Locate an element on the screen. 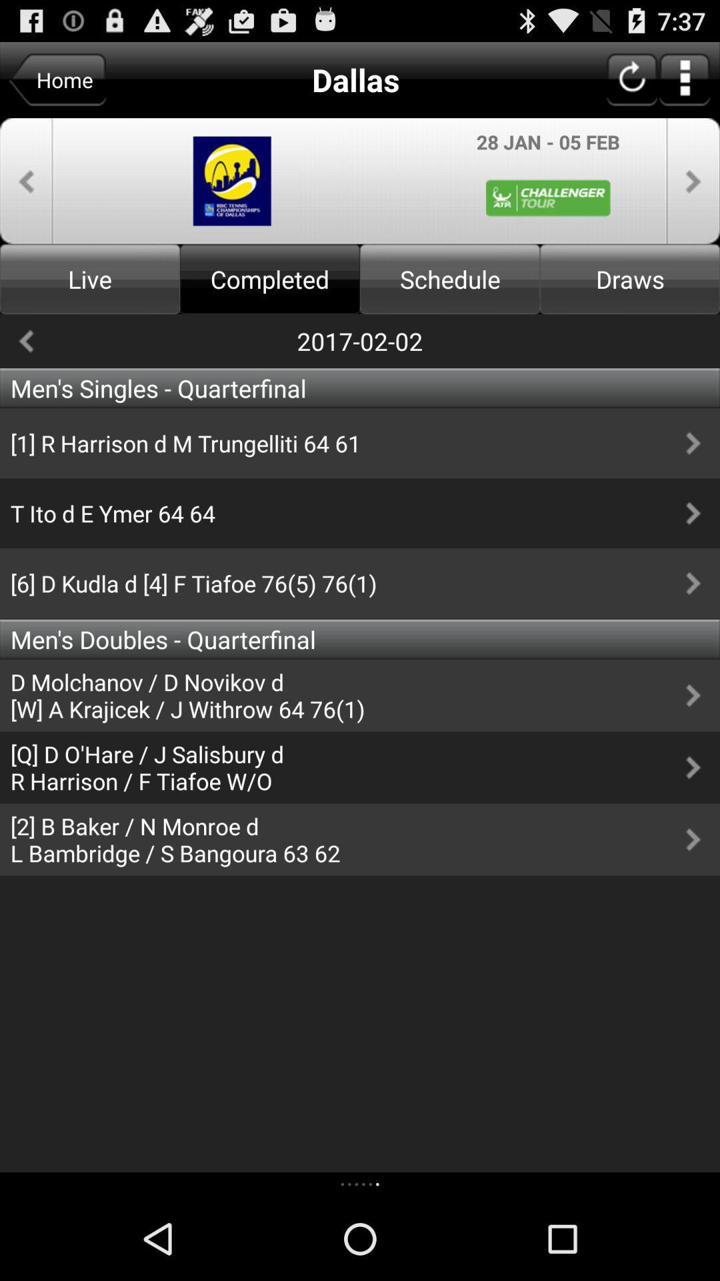 The width and height of the screenshot is (720, 1281). the button which is next to the green icon is located at coordinates (693, 180).